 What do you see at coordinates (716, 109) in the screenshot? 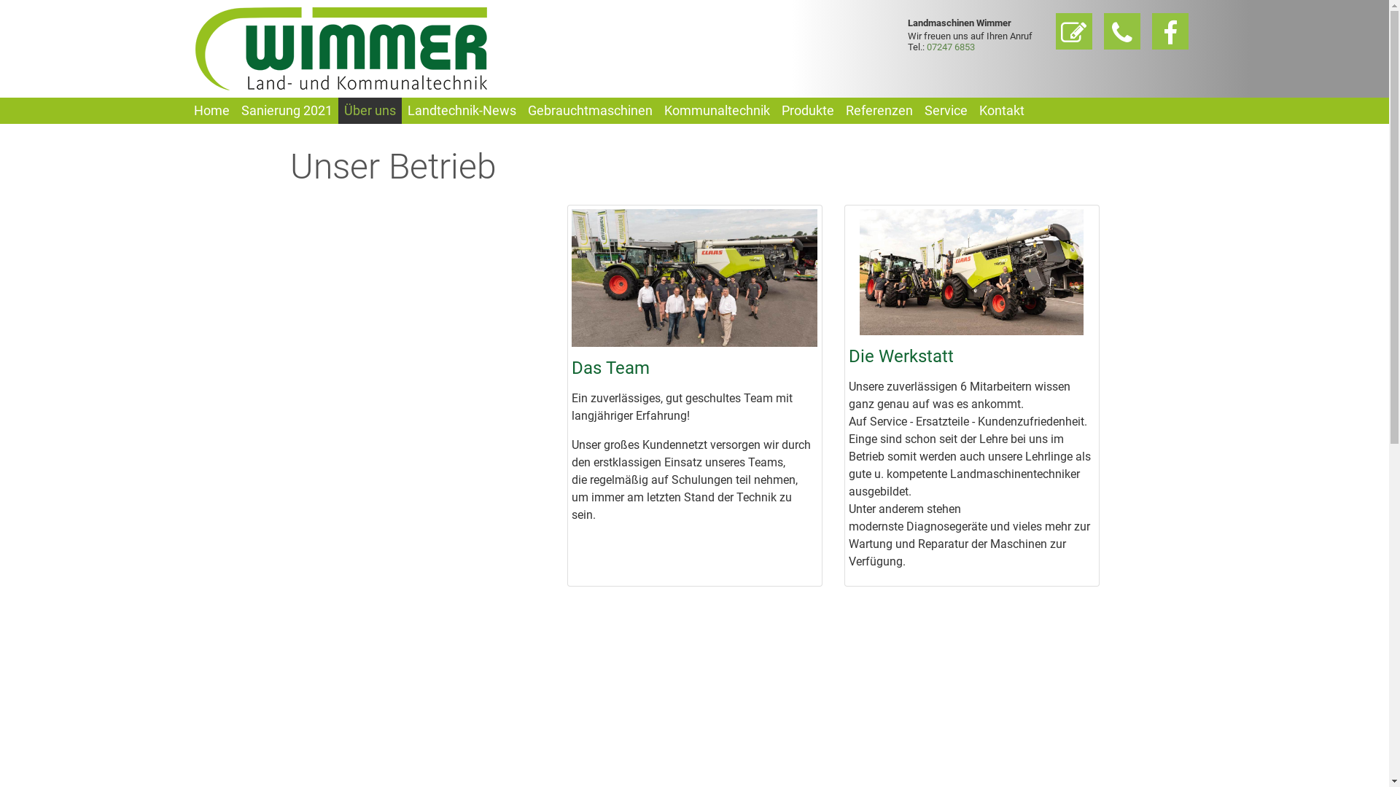
I see `'Kommunaltechnik'` at bounding box center [716, 109].